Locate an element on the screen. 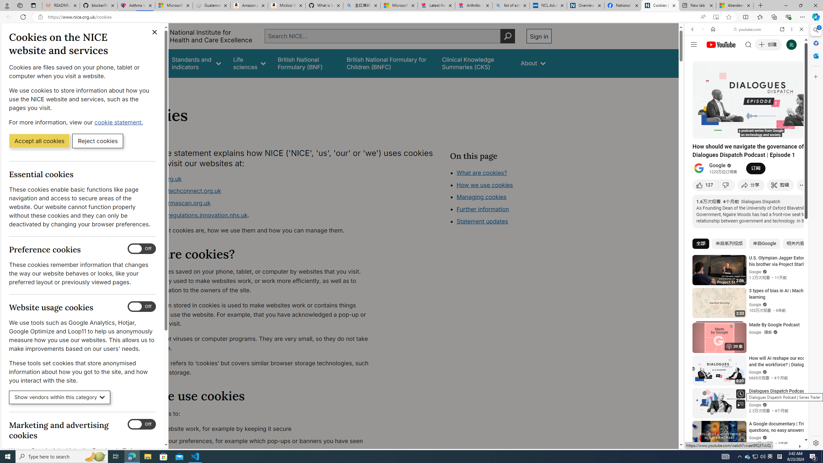  'British National Formulary for Children (BNFC)' is located at coordinates (388, 63).